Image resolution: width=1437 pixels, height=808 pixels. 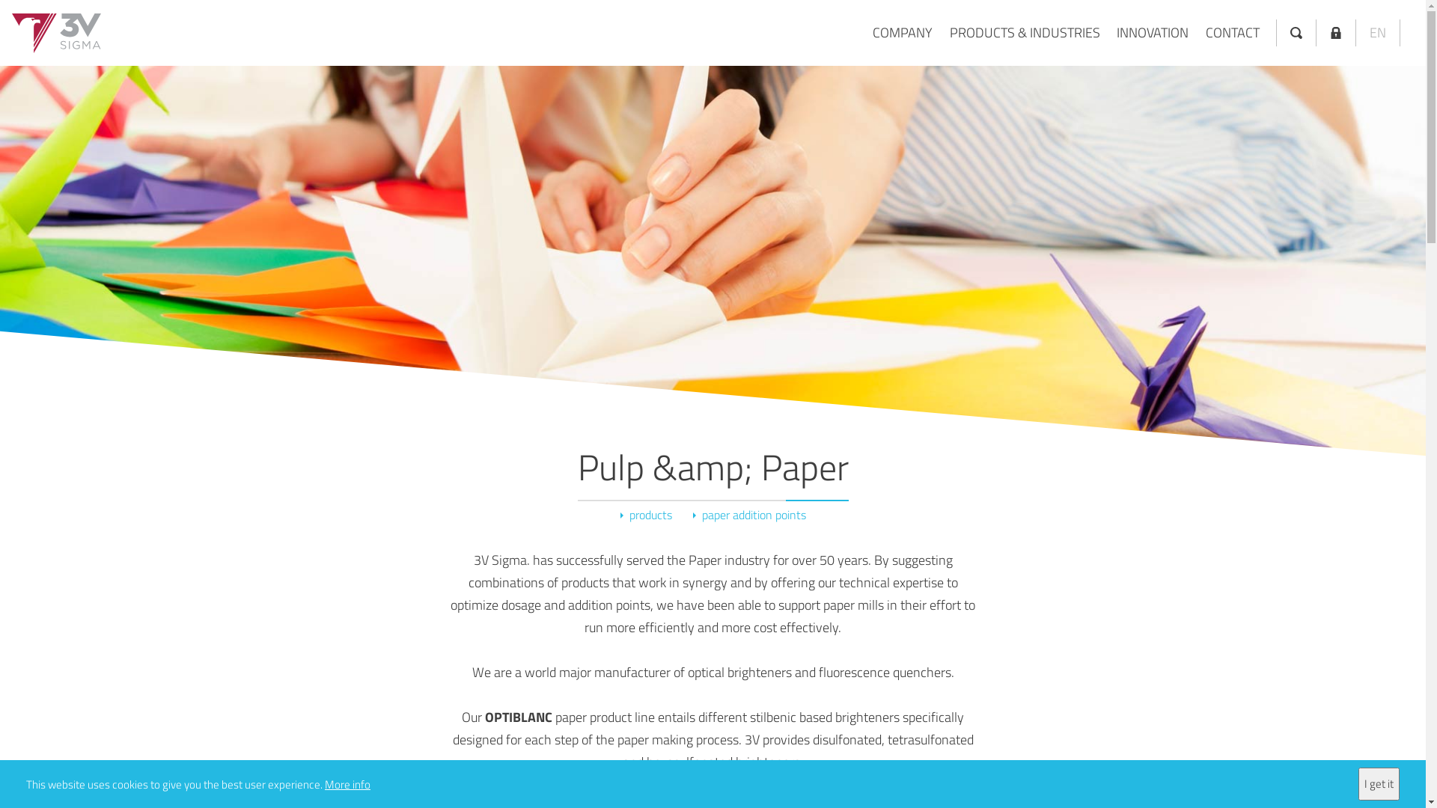 I want to click on 'COMPANY', so click(x=873, y=32).